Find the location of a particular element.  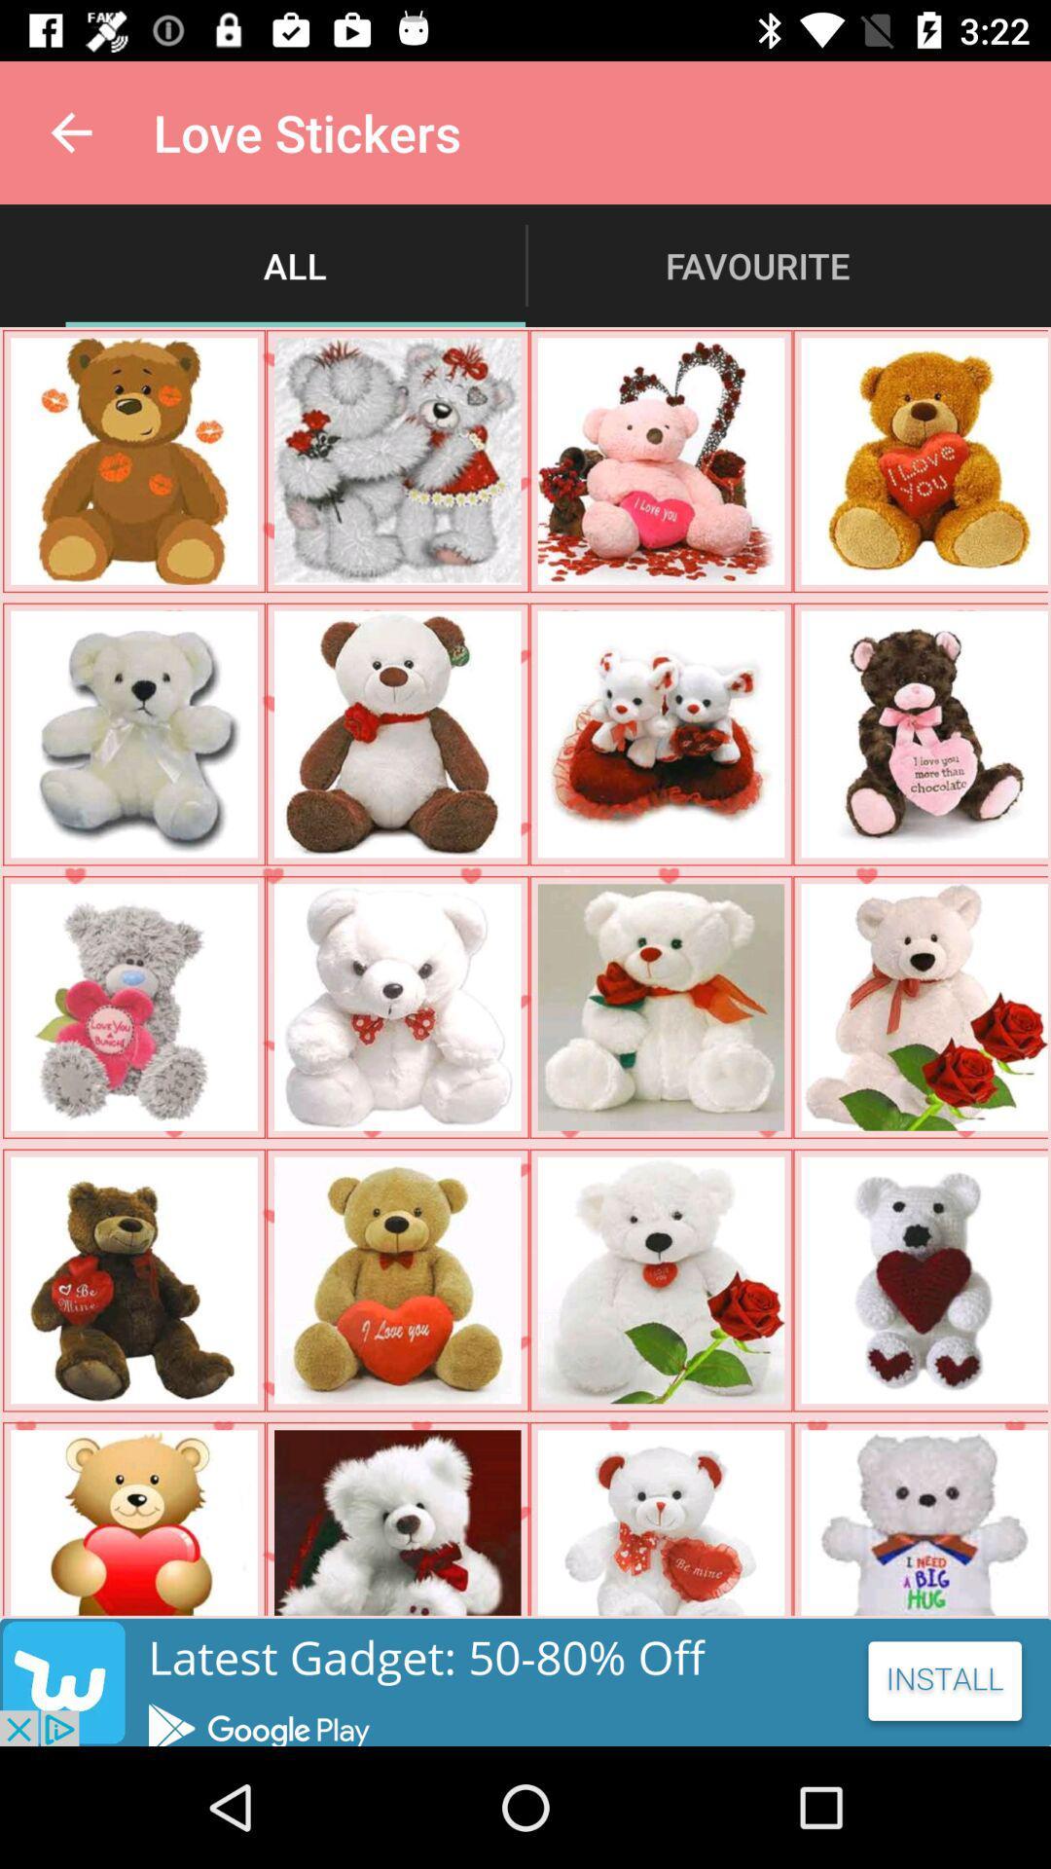

advertisement website is located at coordinates (525, 1681).